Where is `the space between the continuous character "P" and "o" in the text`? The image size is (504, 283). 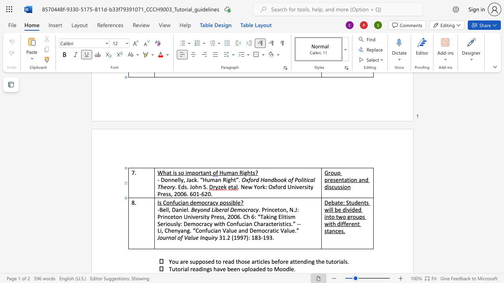
the space between the continuous character "P" and "o" in the text is located at coordinates (297, 180).